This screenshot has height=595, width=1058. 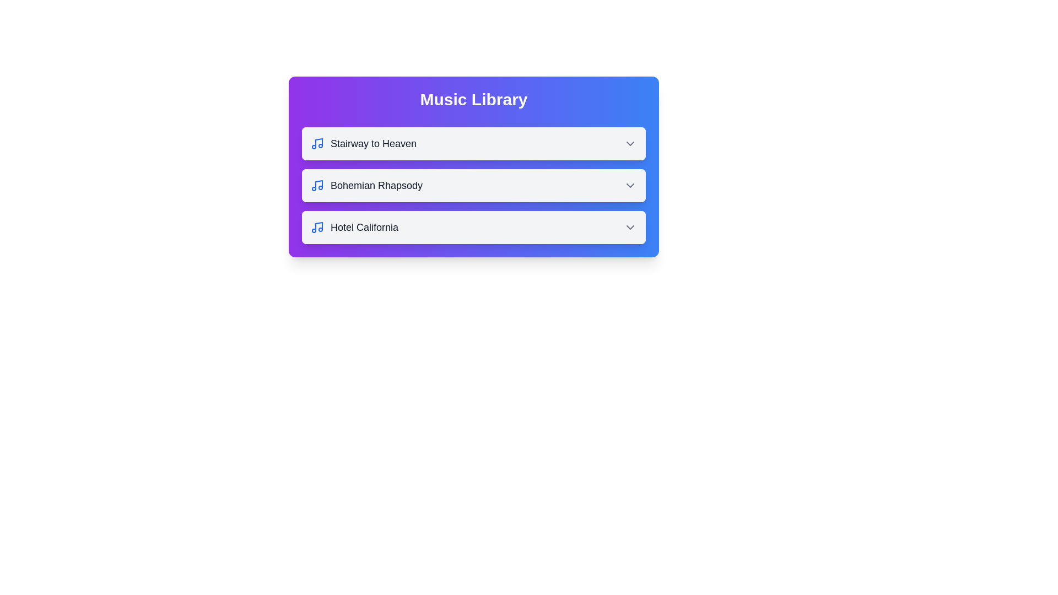 I want to click on the Text Label with Icon that identifies an item in the music library, positioned below 'Bohemian Rhapsody', so click(x=354, y=226).